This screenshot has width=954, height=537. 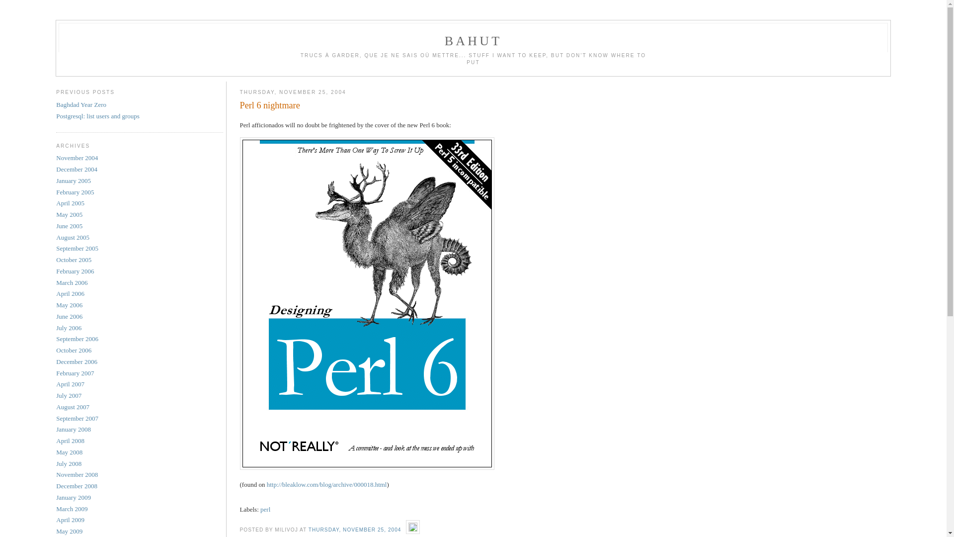 I want to click on 'February 2007', so click(x=74, y=373).